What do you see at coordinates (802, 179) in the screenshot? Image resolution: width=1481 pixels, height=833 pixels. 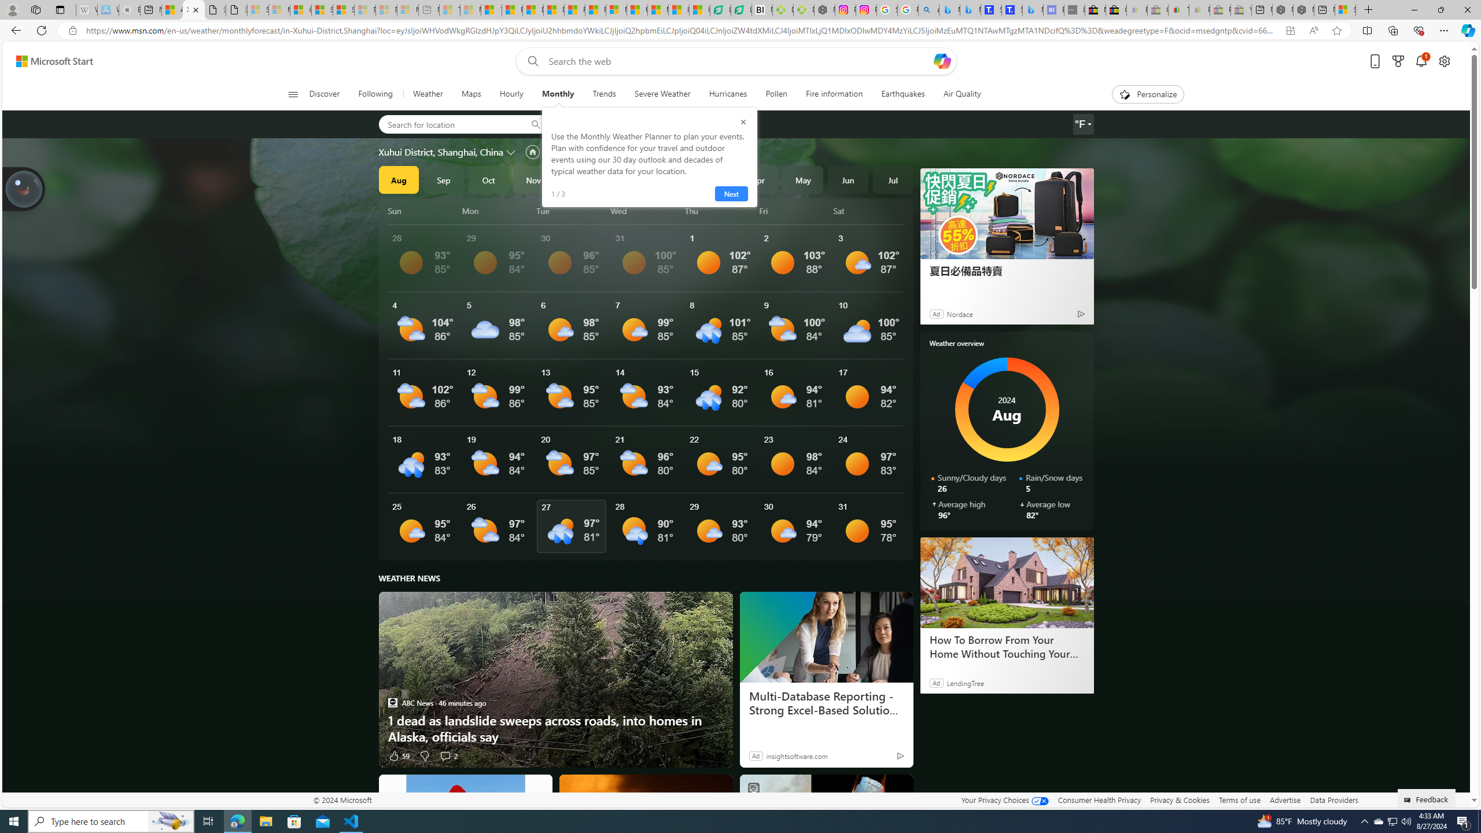 I see `'May'` at bounding box center [802, 179].